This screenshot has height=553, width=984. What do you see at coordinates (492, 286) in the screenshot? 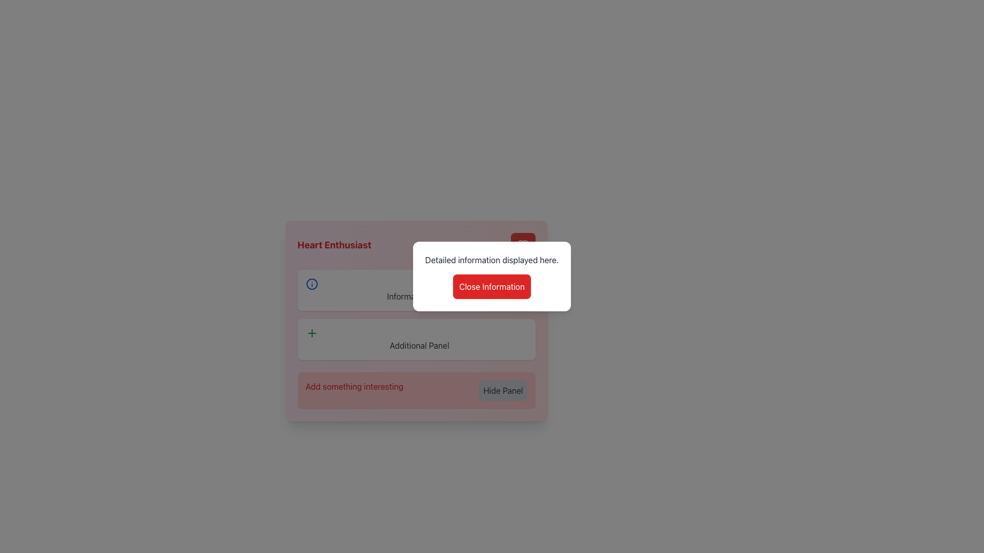
I see `the rectangular red button with white text reading 'Close Information' located under the text 'Detailed information displayed here'` at bounding box center [492, 286].